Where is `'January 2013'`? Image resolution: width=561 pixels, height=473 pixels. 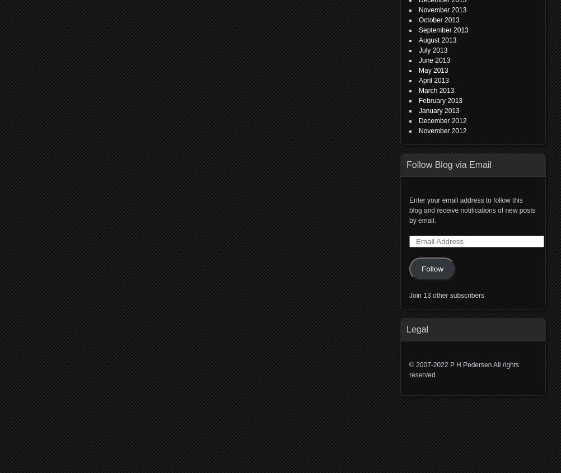 'January 2013' is located at coordinates (438, 110).